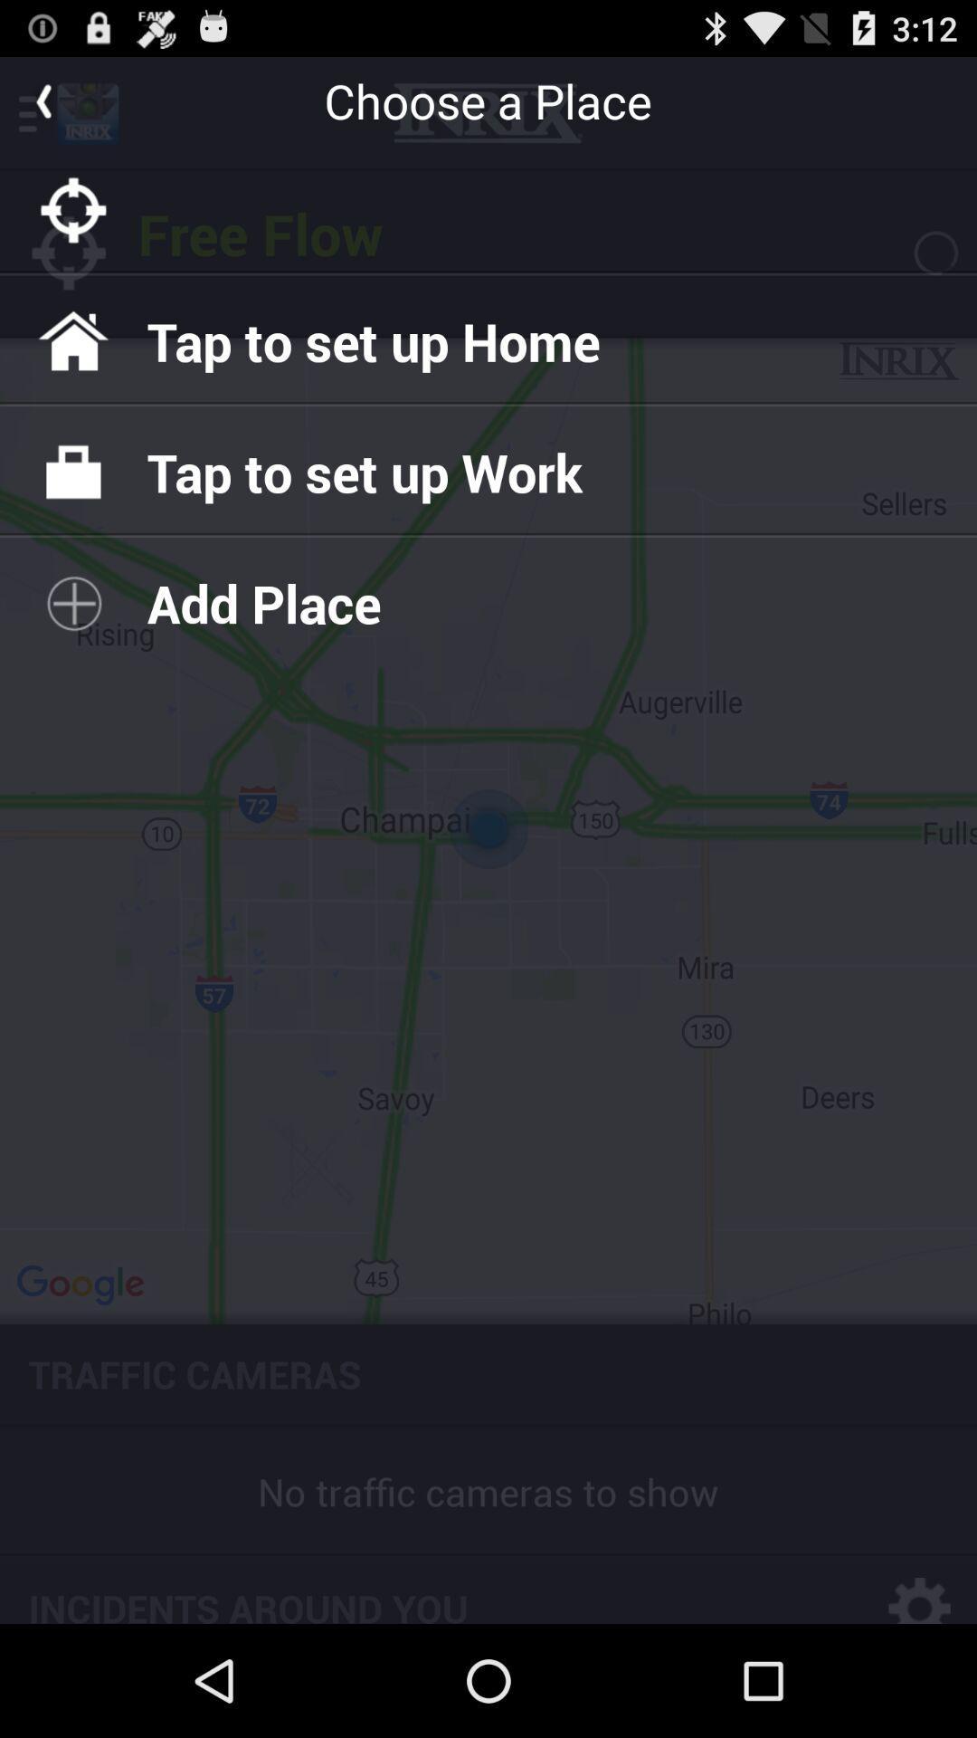 The image size is (977, 1738). I want to click on icon to the left of the choose a place app, so click(42, 100).